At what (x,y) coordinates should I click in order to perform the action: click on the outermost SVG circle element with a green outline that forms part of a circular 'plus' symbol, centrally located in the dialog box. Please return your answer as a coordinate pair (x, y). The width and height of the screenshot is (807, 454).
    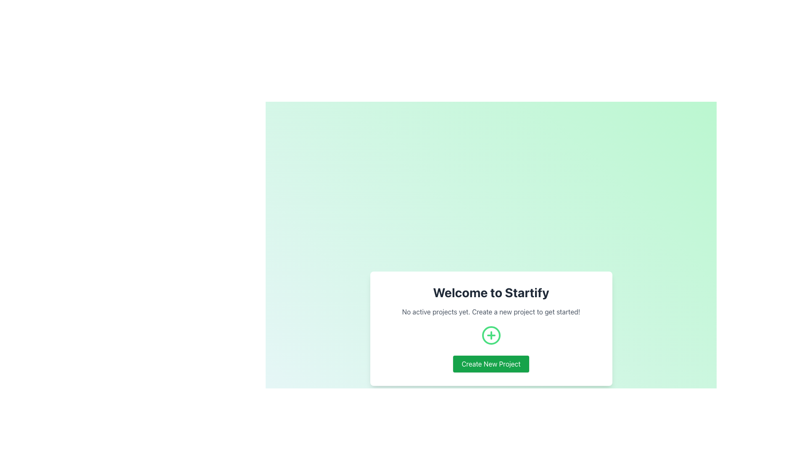
    Looking at the image, I should click on (491, 335).